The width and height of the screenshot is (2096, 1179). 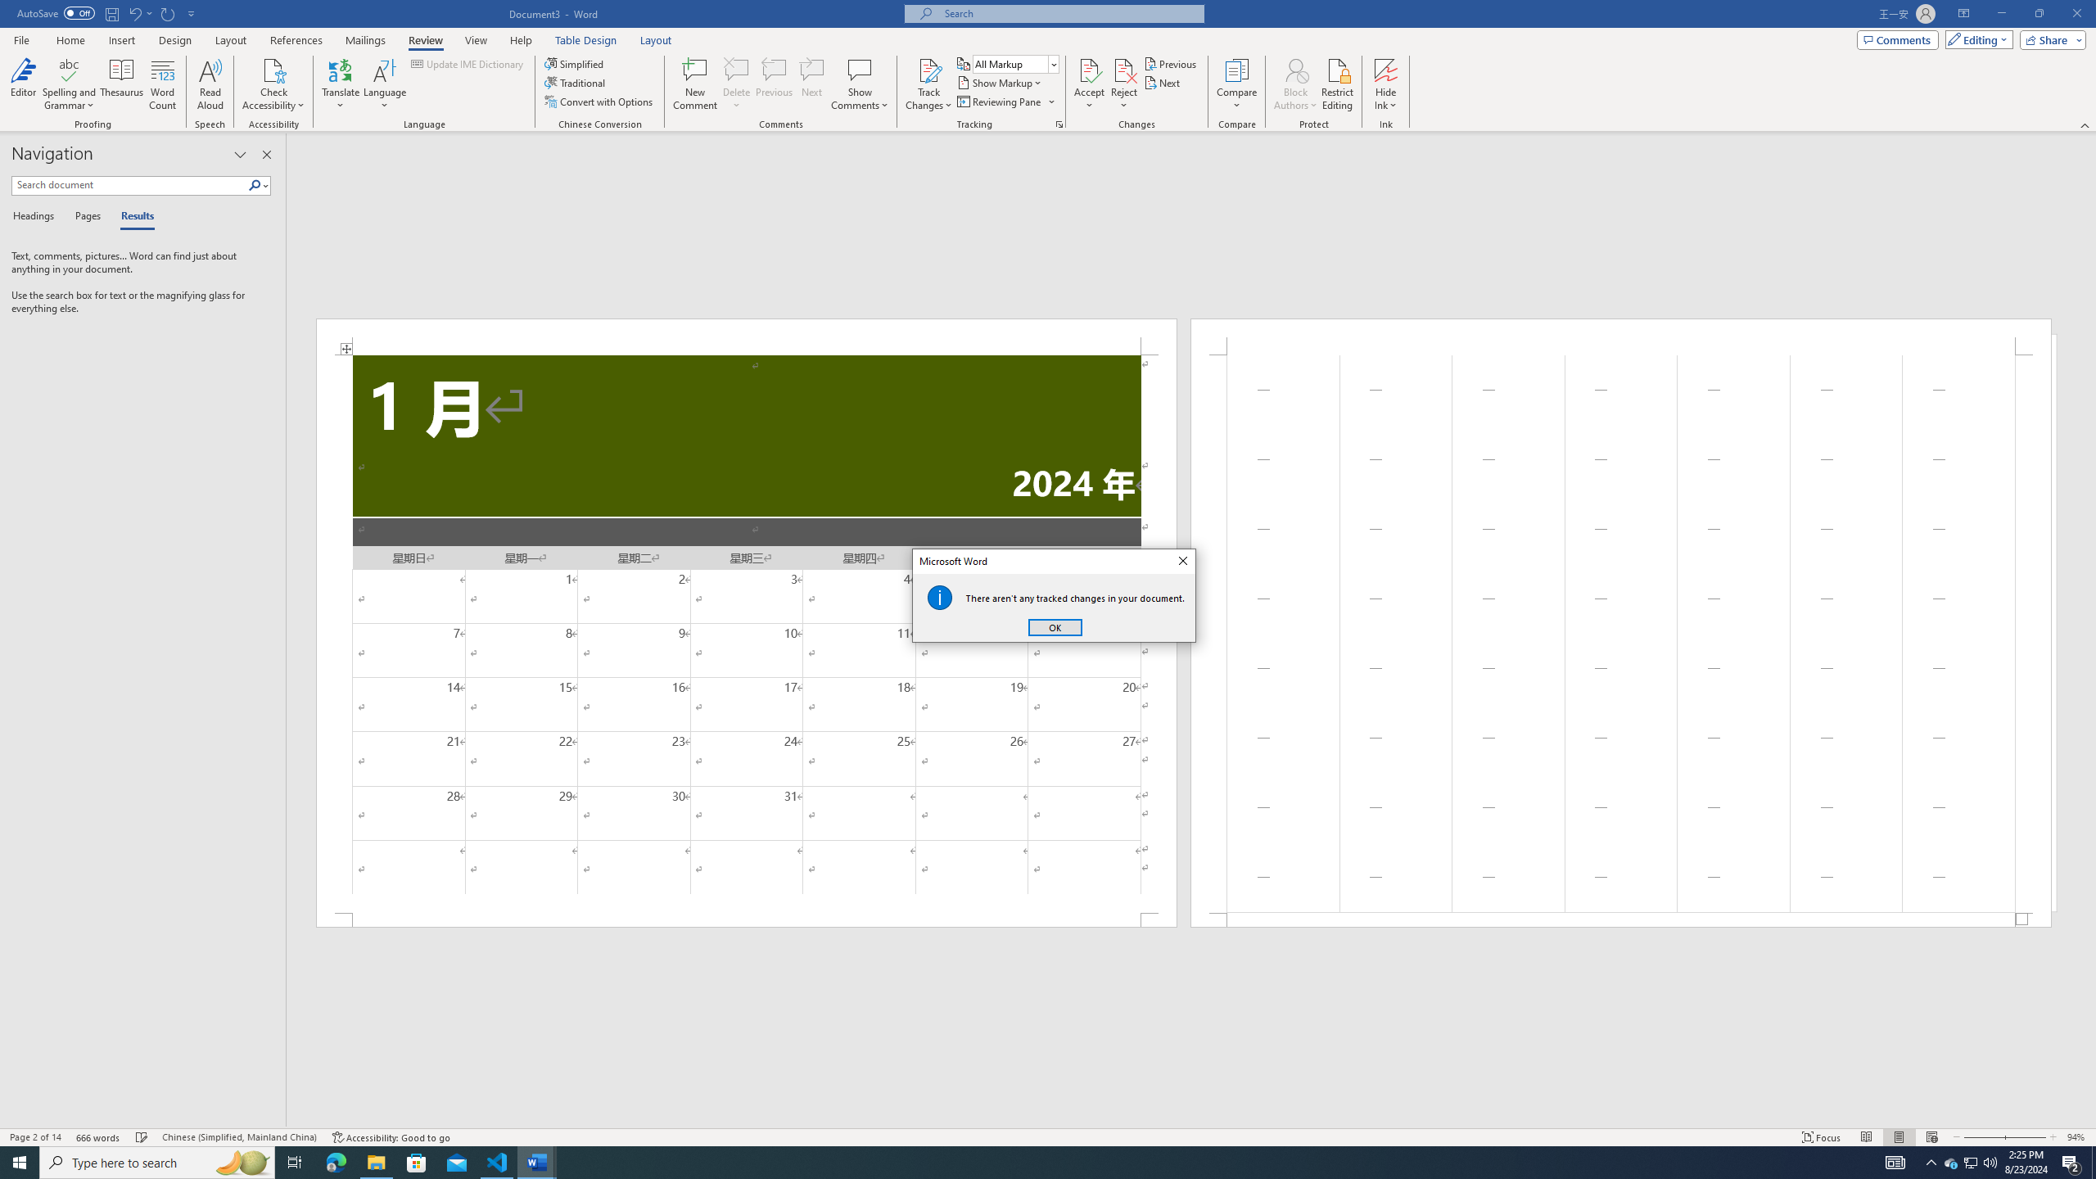 I want to click on 'Reviewing Pane', so click(x=1005, y=100).